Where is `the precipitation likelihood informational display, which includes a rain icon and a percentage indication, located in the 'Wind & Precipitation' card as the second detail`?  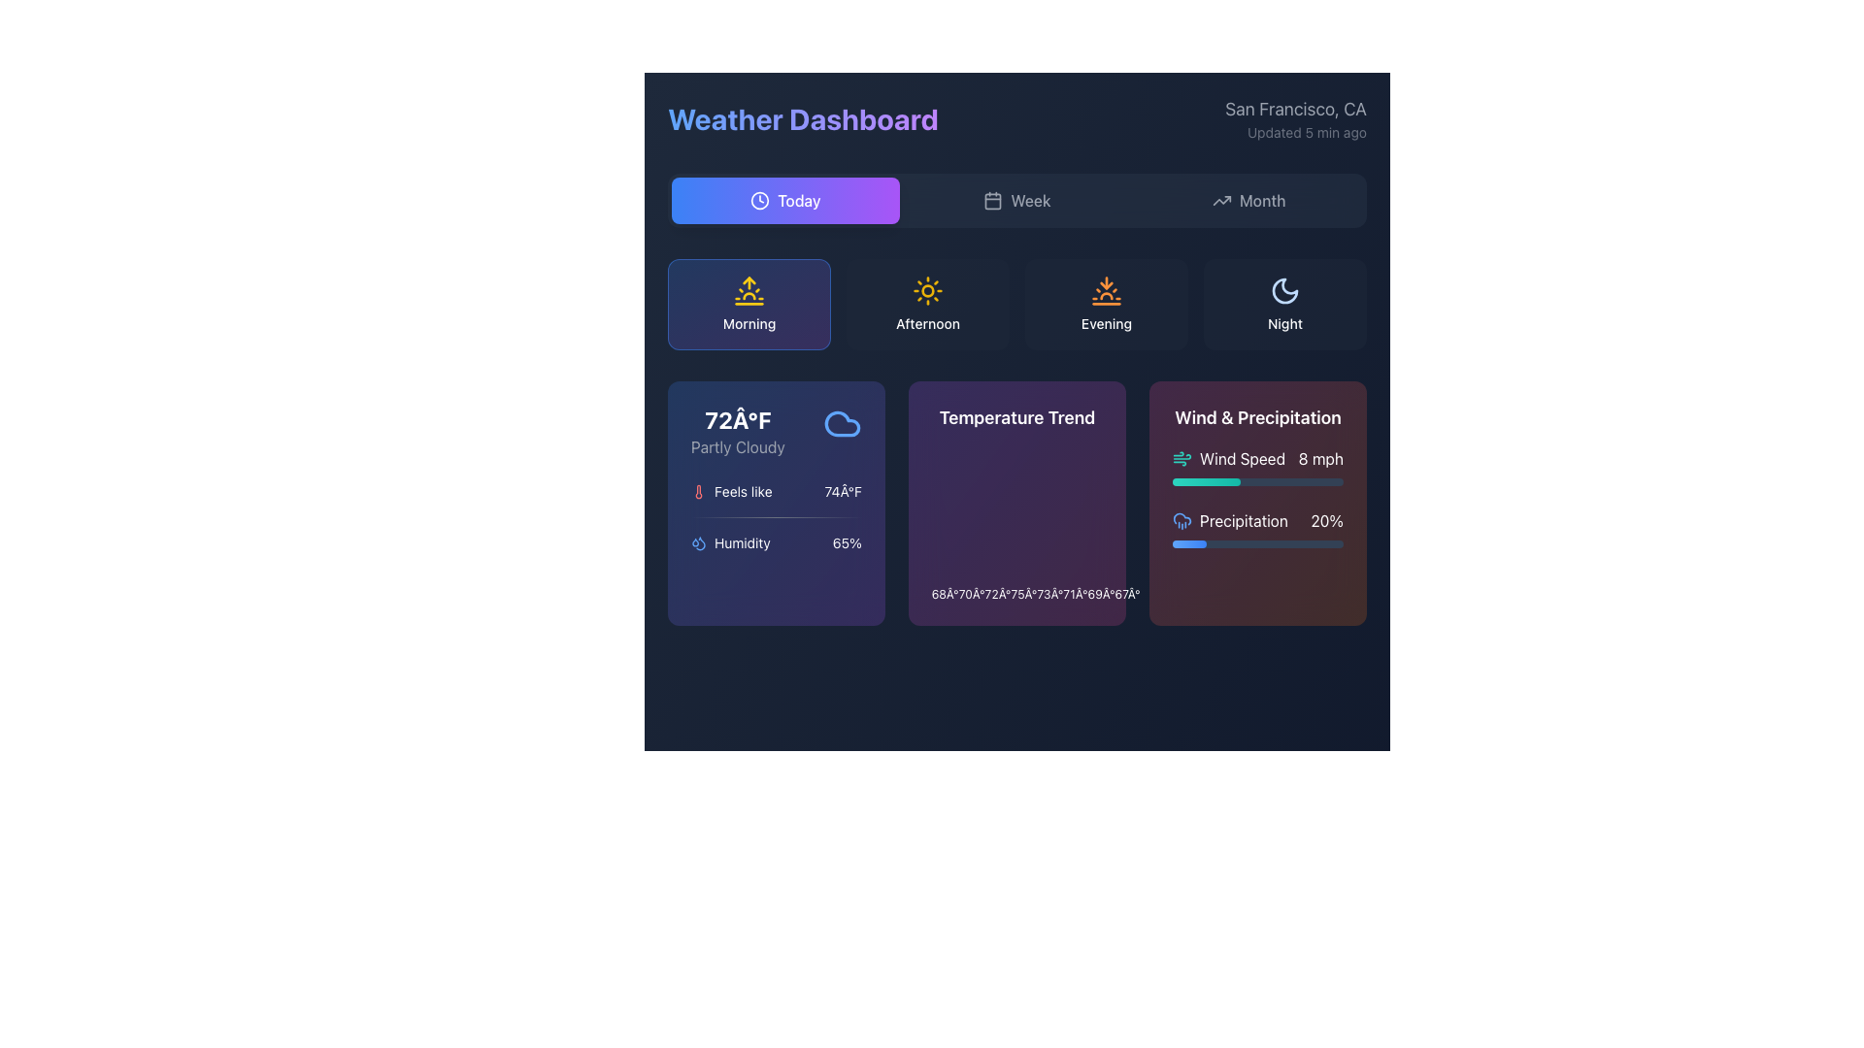 the precipitation likelihood informational display, which includes a rain icon and a percentage indication, located in the 'Wind & Precipitation' card as the second detail is located at coordinates (1258, 519).